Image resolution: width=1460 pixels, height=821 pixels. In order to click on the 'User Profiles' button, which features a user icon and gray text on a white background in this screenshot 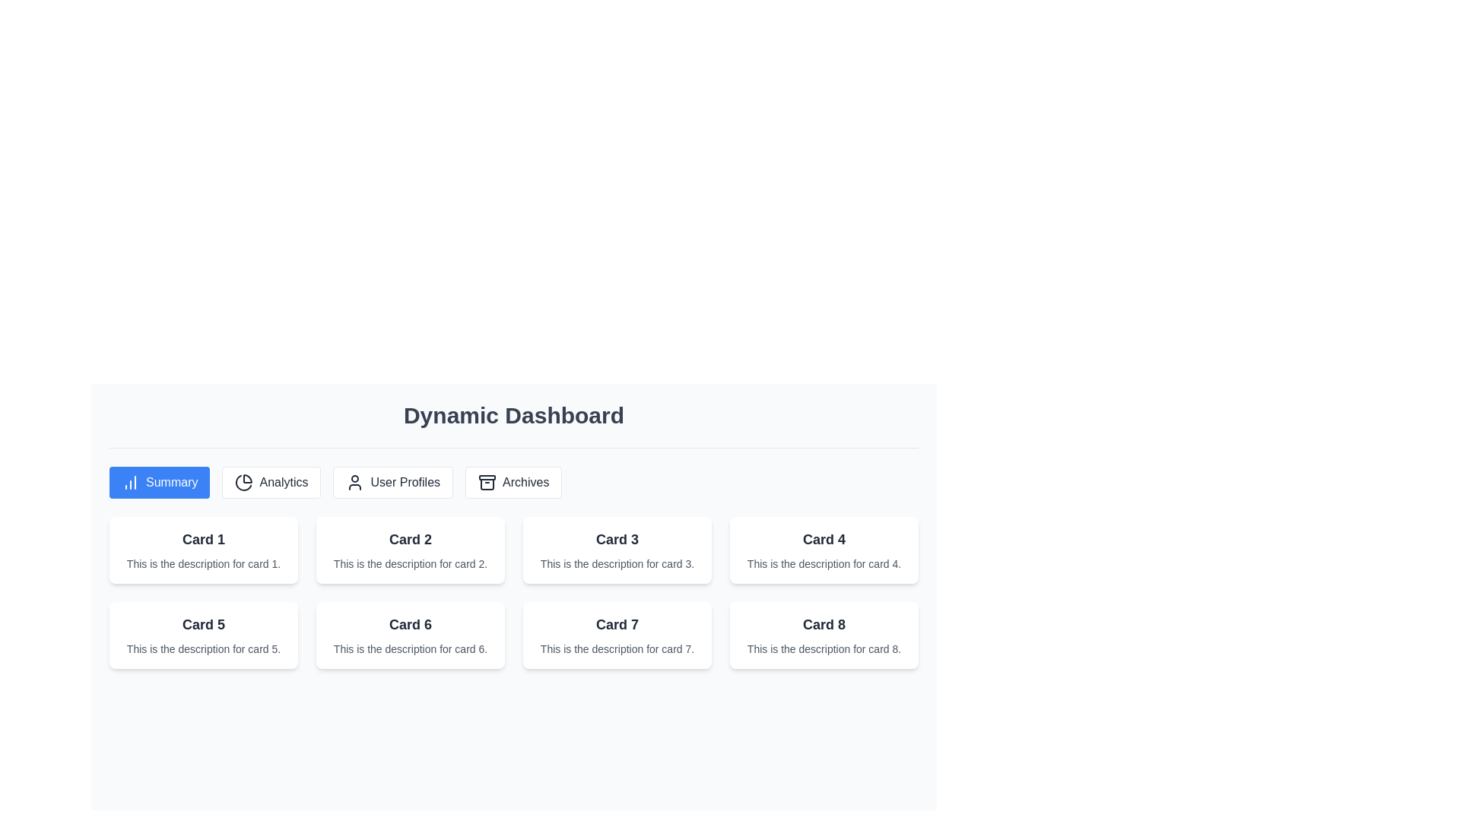, I will do `click(393, 483)`.